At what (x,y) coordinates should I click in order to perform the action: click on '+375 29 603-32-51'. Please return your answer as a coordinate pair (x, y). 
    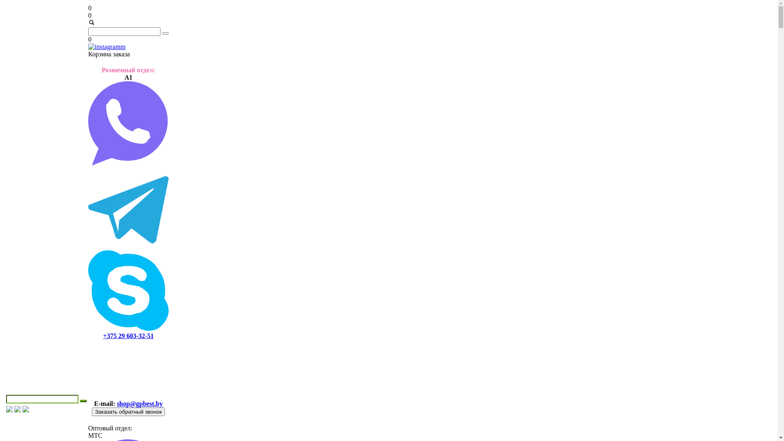
    Looking at the image, I should click on (128, 336).